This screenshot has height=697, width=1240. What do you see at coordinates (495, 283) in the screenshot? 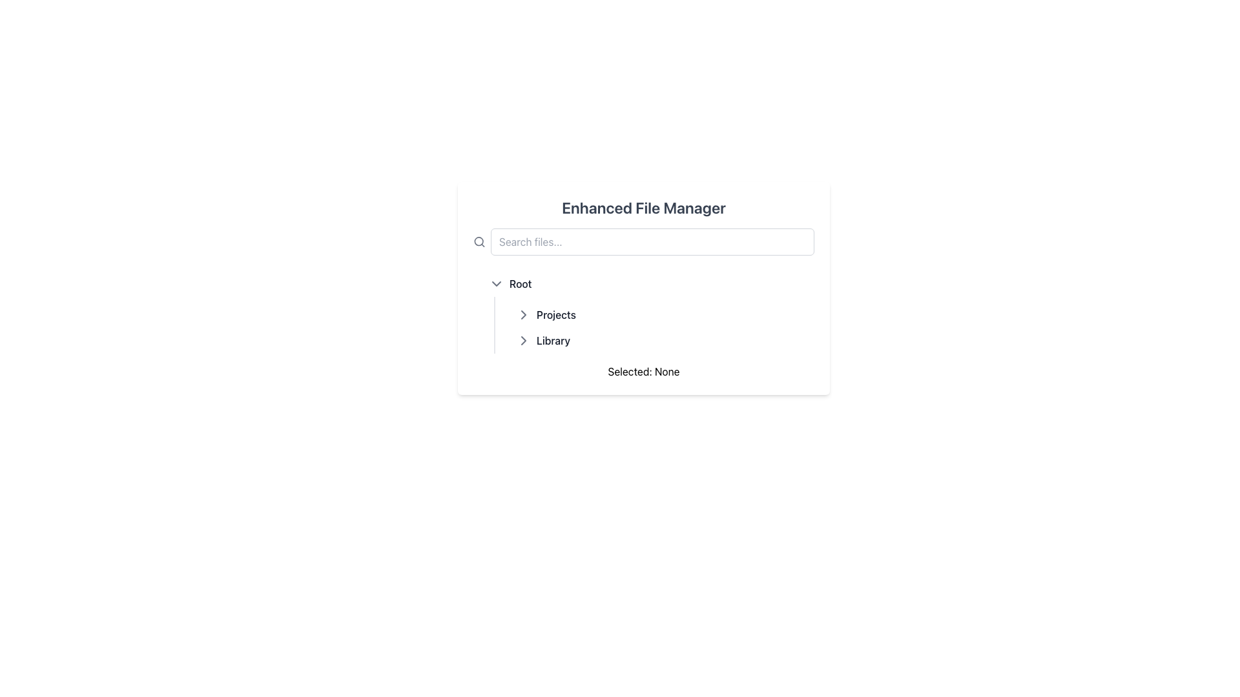
I see `the Dropdown Indicator (Chevron Icon) located to the left of the 'Root' label` at bounding box center [495, 283].